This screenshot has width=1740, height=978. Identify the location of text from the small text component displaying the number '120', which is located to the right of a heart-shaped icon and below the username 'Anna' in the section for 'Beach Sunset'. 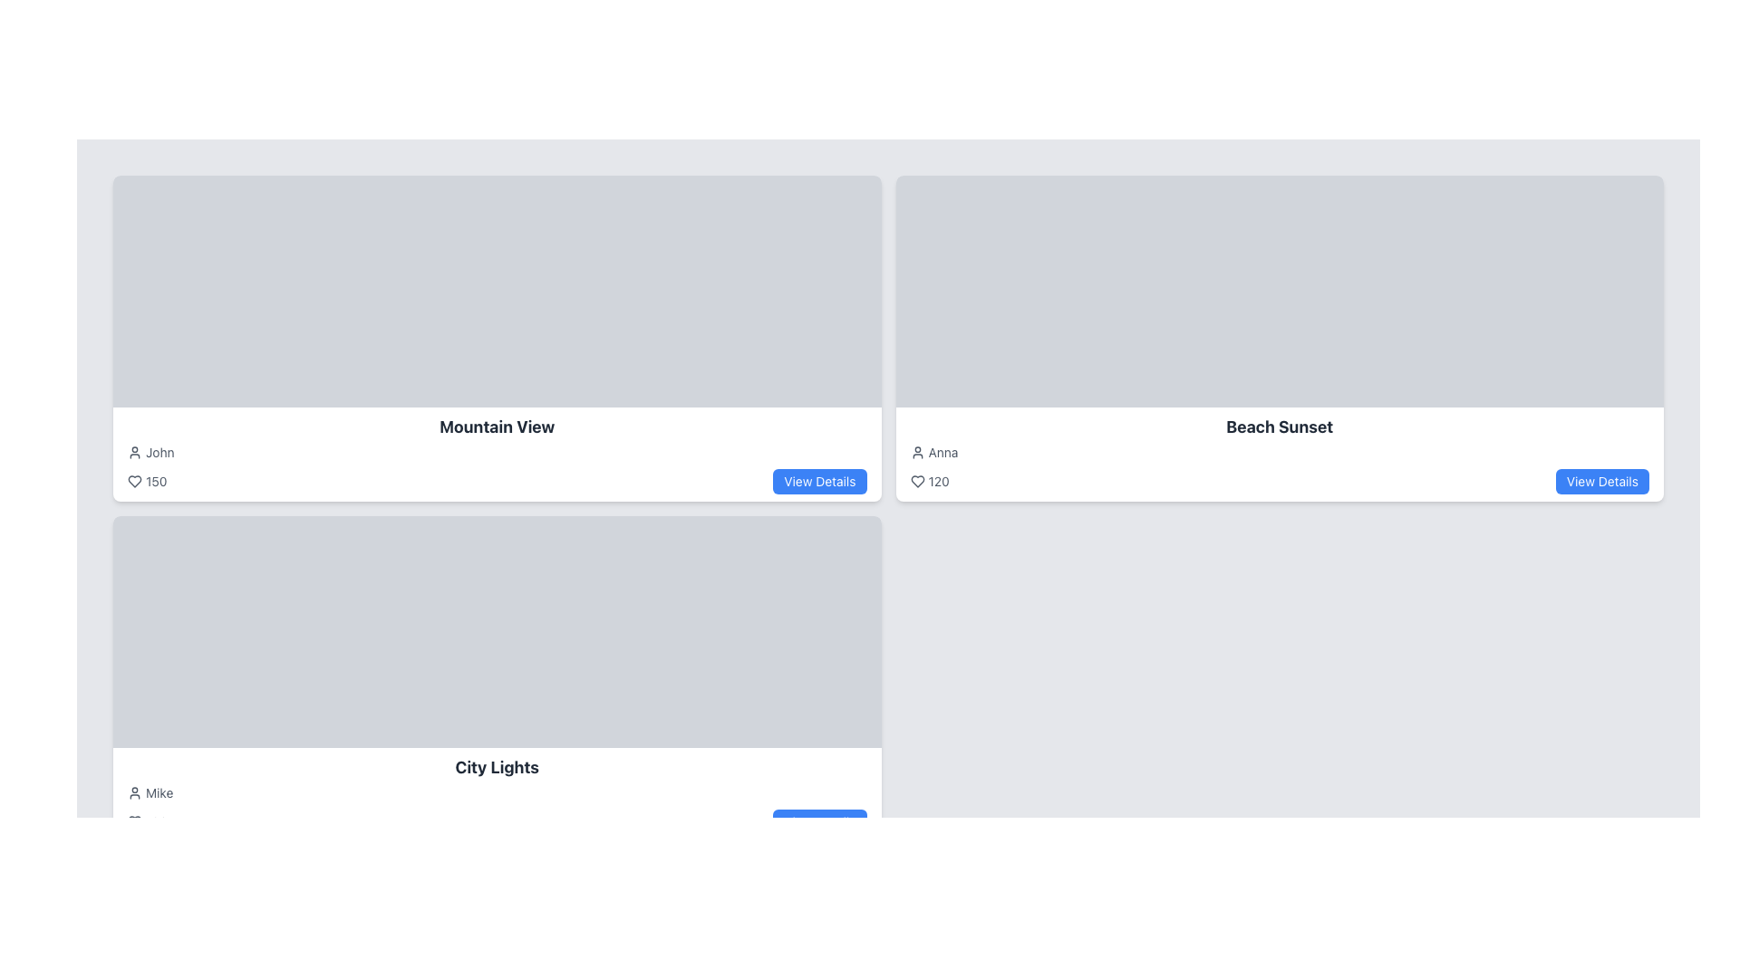
(930, 481).